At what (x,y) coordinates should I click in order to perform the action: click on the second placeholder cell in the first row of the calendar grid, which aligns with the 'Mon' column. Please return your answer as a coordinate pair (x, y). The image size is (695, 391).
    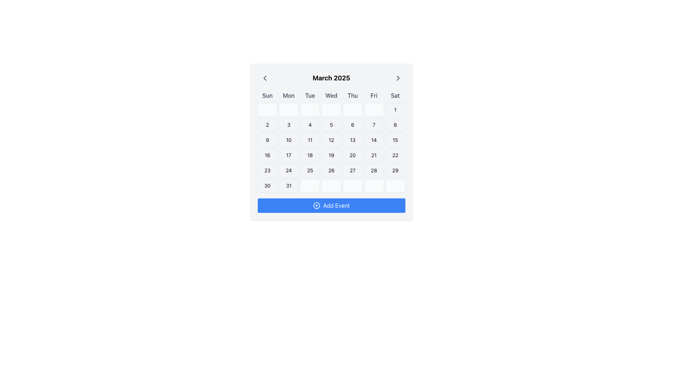
    Looking at the image, I should click on (288, 110).